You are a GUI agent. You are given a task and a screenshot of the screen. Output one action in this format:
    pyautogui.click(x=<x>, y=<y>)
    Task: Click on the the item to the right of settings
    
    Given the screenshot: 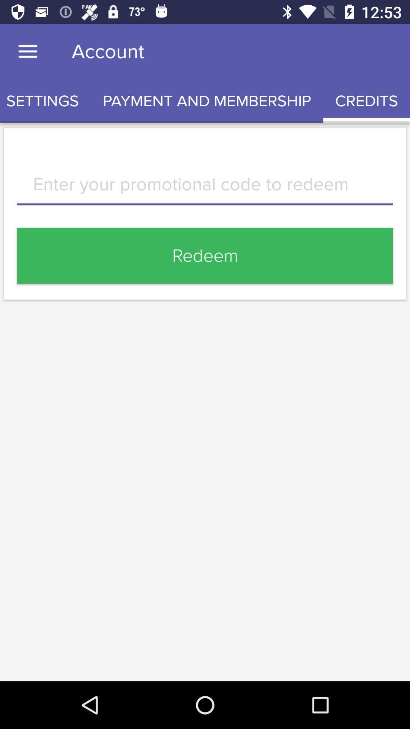 What is the action you would take?
    pyautogui.click(x=207, y=101)
    